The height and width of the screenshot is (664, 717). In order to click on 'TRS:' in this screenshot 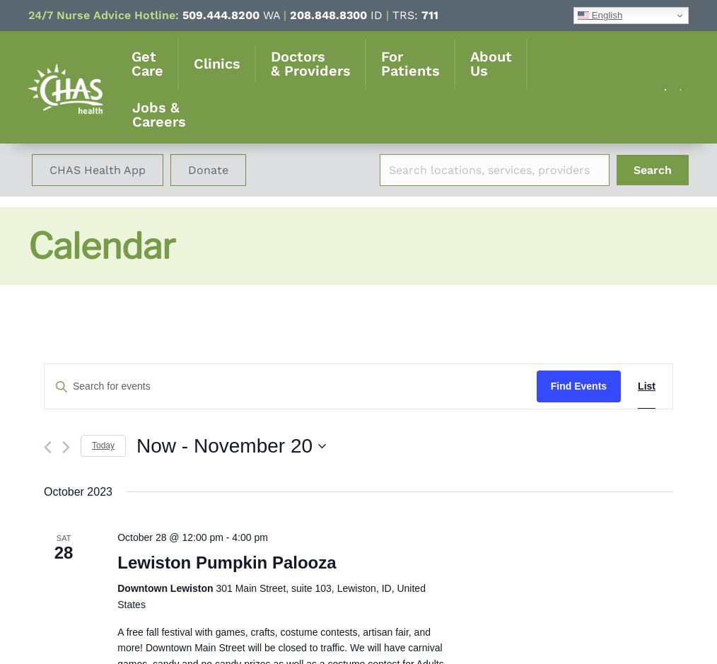, I will do `click(387, 15)`.